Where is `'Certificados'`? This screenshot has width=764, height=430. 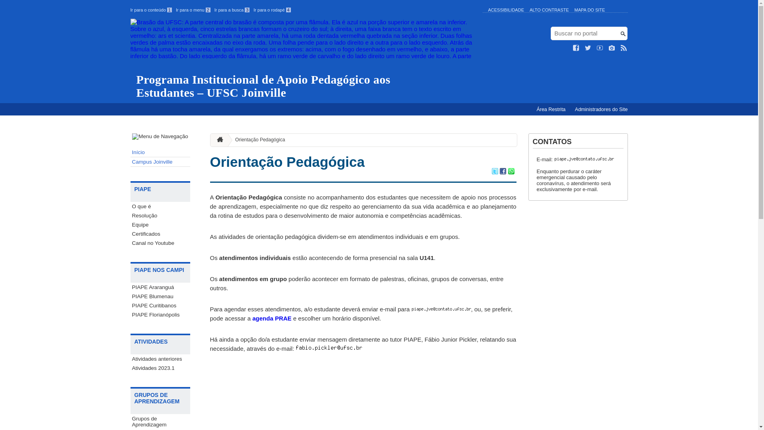
'Certificados' is located at coordinates (160, 233).